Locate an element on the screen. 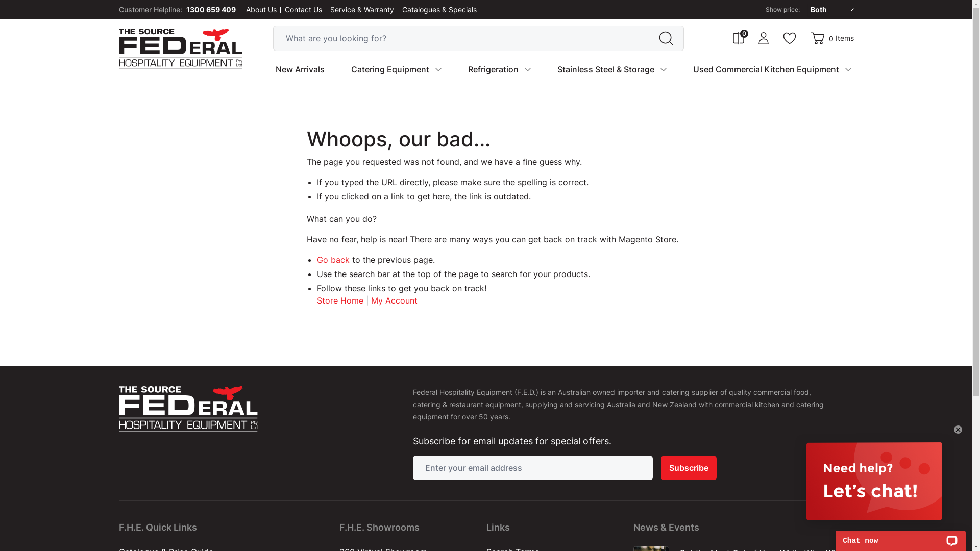 This screenshot has height=551, width=980. 'Search' is located at coordinates (666, 37).